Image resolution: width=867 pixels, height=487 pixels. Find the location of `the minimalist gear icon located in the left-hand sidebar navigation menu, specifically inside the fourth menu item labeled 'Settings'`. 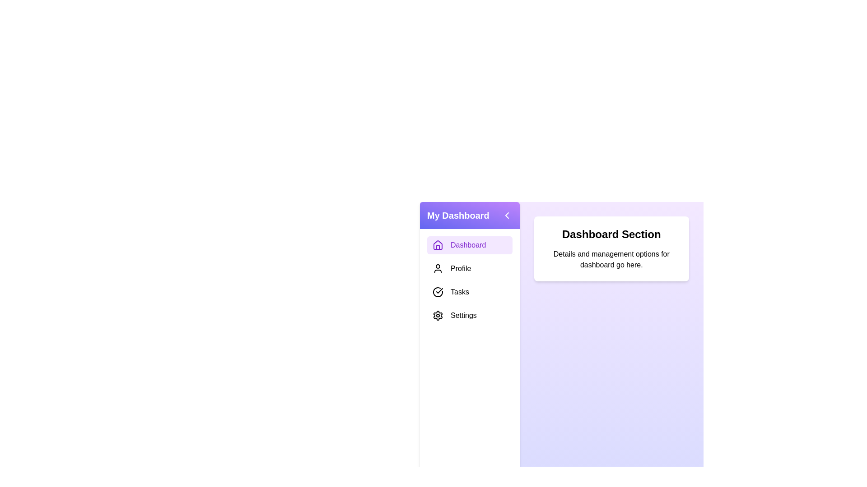

the minimalist gear icon located in the left-hand sidebar navigation menu, specifically inside the fourth menu item labeled 'Settings' is located at coordinates (438, 315).